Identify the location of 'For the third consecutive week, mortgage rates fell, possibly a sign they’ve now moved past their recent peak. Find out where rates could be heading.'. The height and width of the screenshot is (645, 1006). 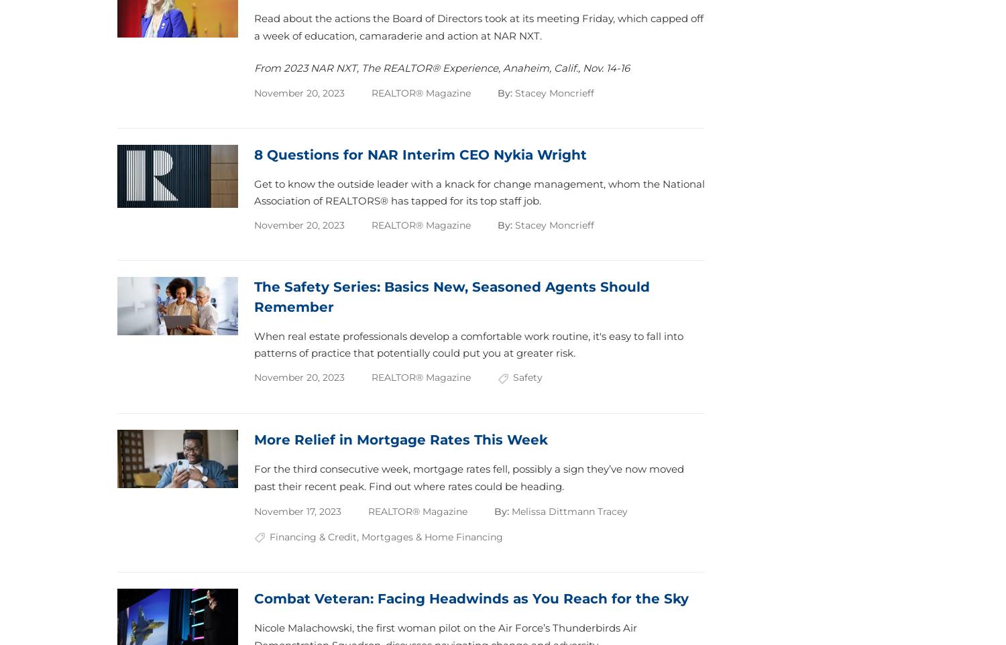
(468, 476).